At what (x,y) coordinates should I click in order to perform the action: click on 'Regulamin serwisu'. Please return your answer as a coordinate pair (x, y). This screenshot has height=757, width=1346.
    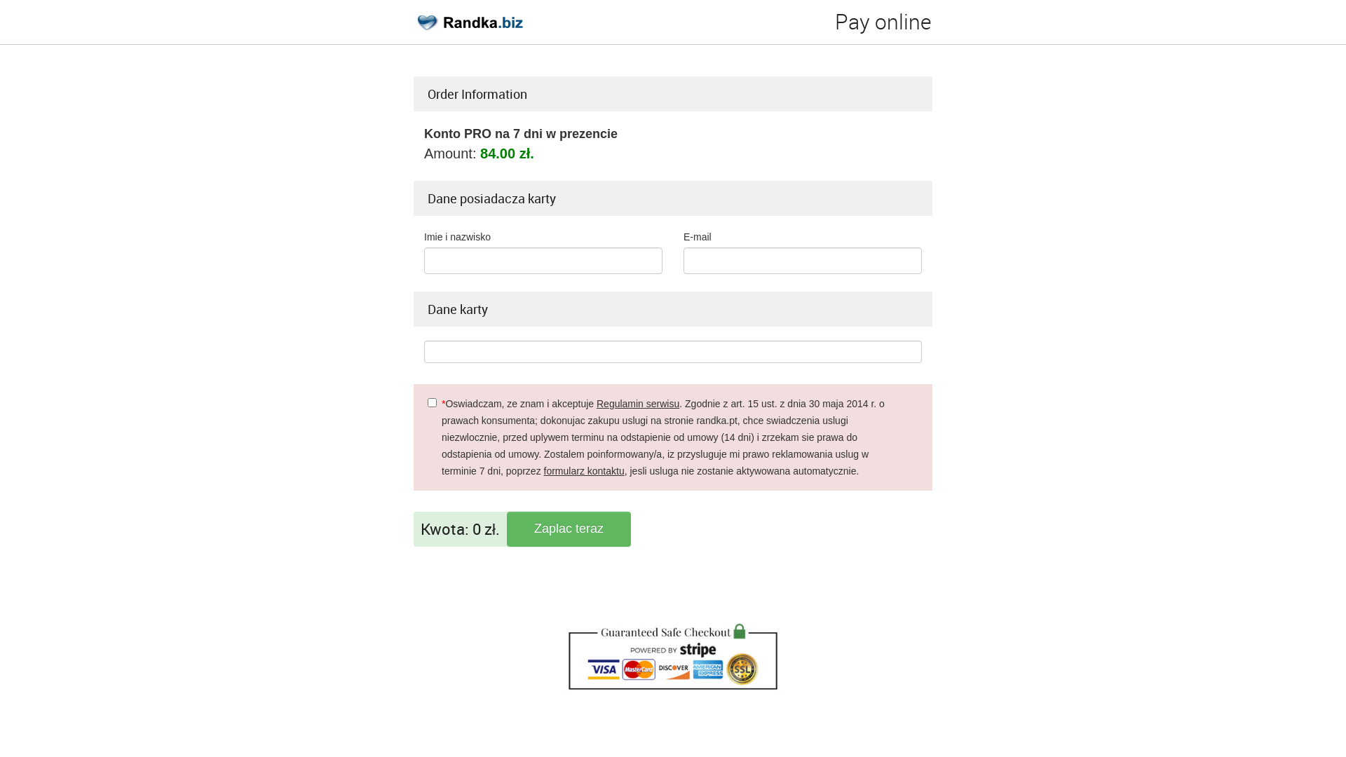
    Looking at the image, I should click on (637, 403).